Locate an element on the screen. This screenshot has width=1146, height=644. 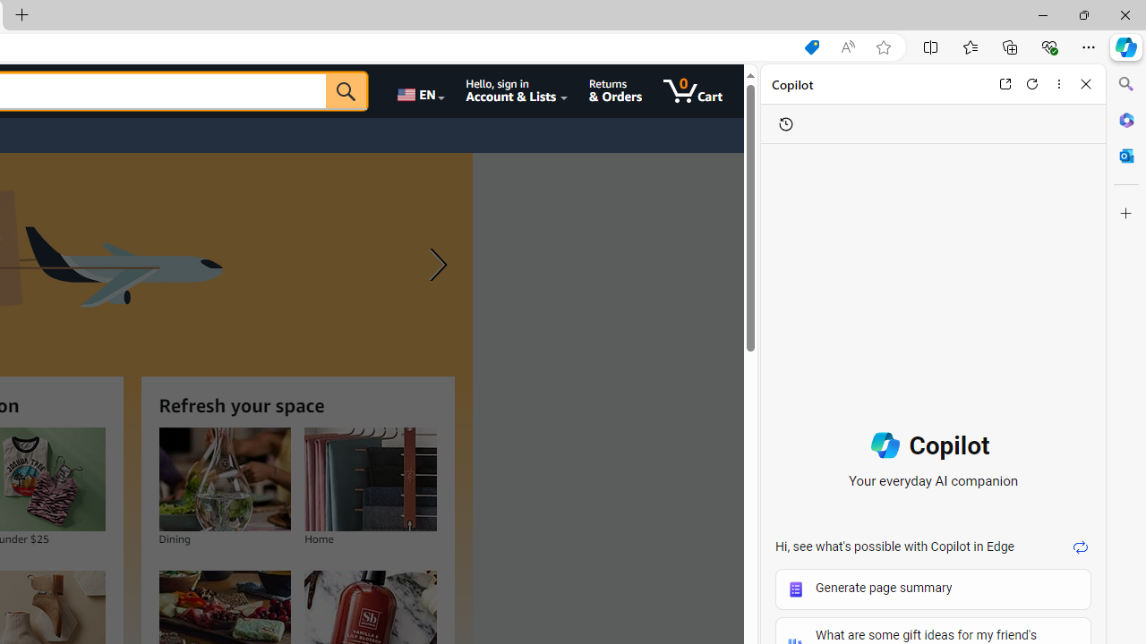
'Choose a language for shopping.' is located at coordinates (419, 90).